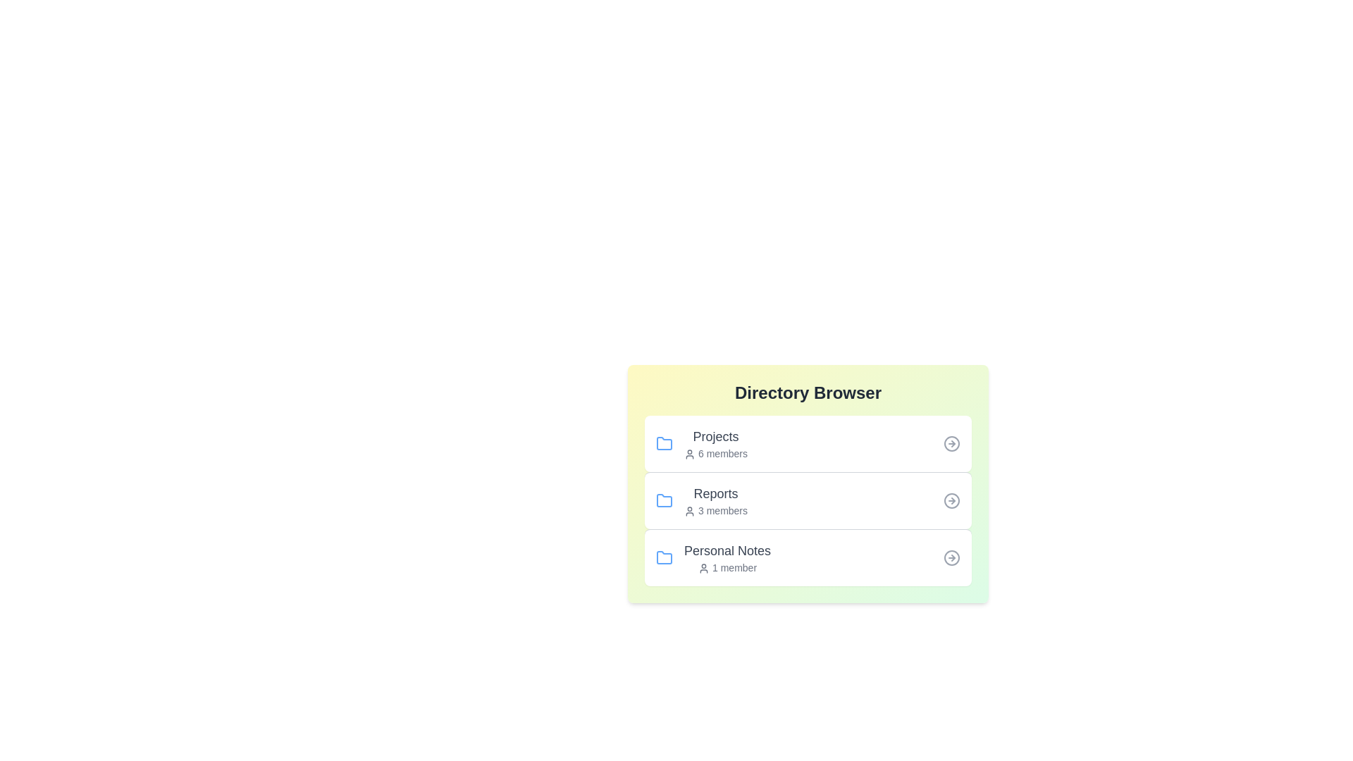 This screenshot has height=761, width=1353. What do you see at coordinates (808, 500) in the screenshot?
I see `the list item corresponding to Reports` at bounding box center [808, 500].